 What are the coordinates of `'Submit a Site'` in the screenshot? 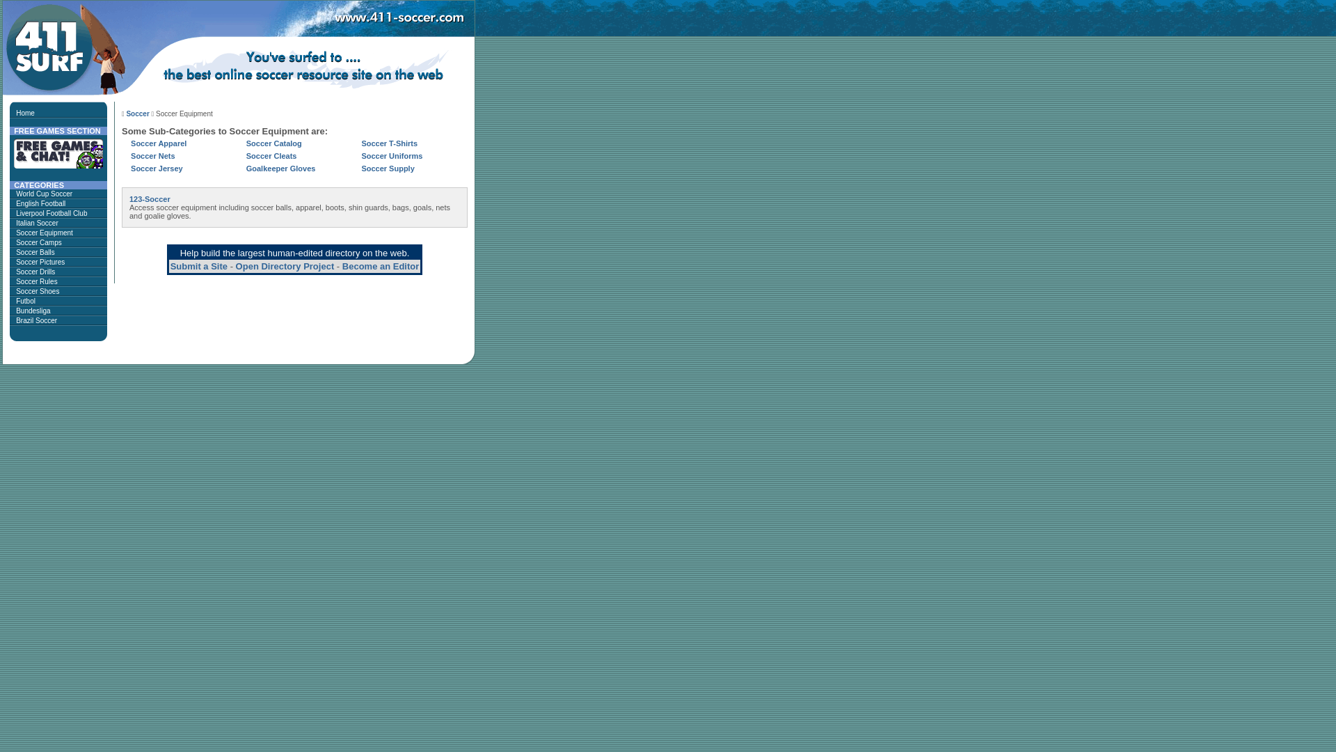 It's located at (169, 266).